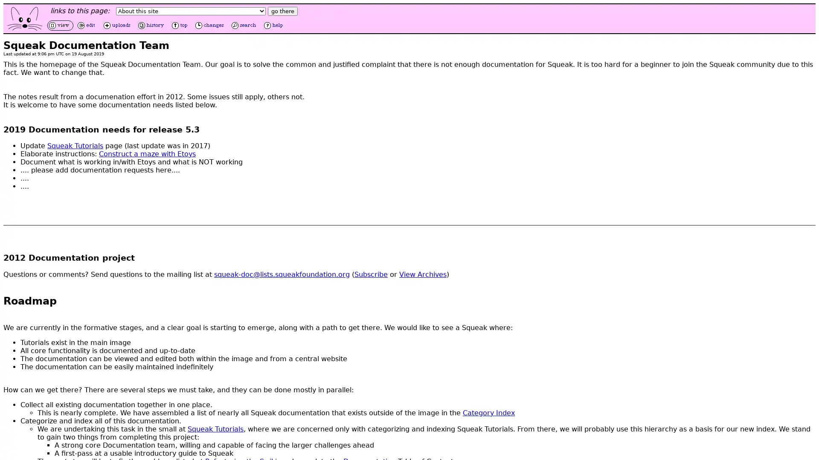  I want to click on go there, so click(282, 11).